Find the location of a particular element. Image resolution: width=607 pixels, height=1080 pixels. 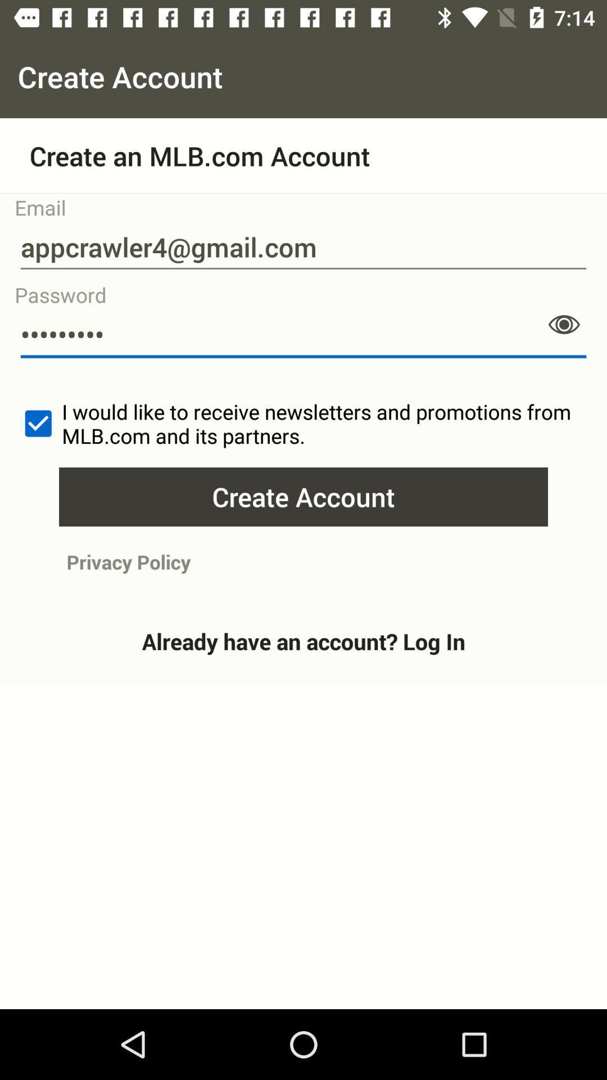

the visibility icon is located at coordinates (564, 324).